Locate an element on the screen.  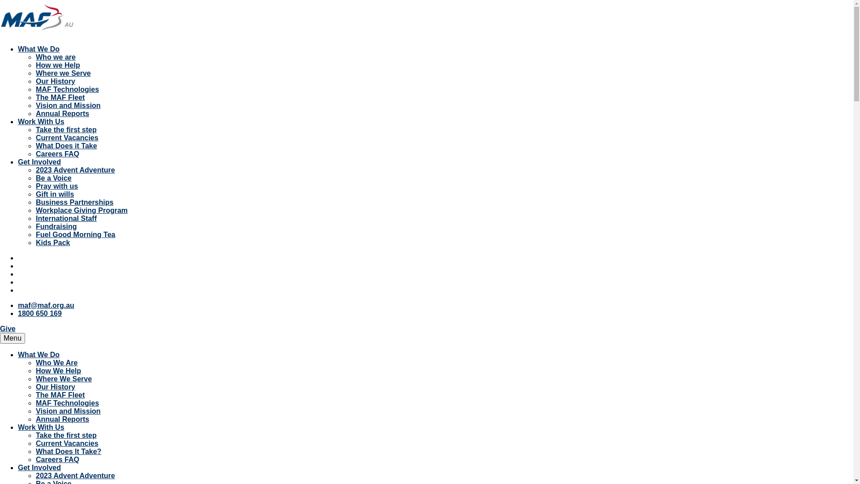
'Fundraising' is located at coordinates (36, 226).